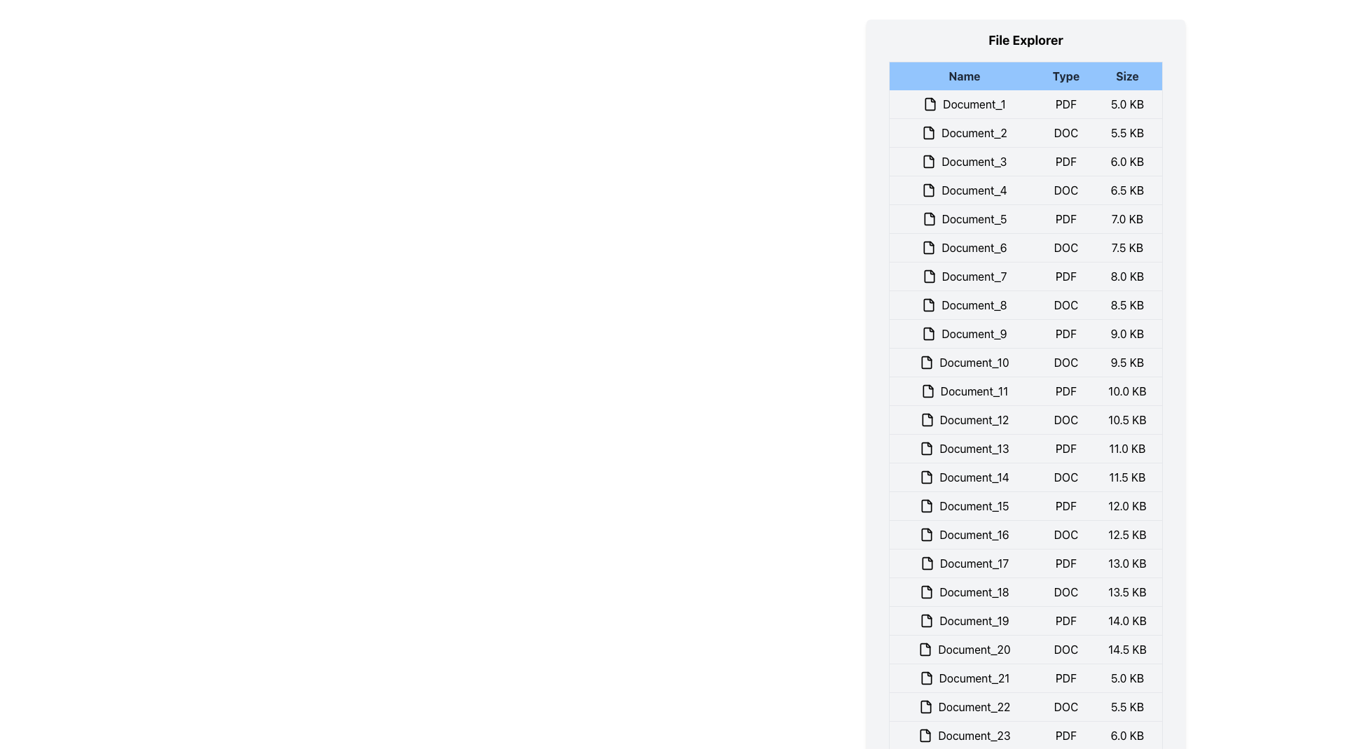  What do you see at coordinates (1127, 161) in the screenshot?
I see `the text label displaying '6.0 KB' in the 'Size' column of the third row corresponding to 'Document_3'` at bounding box center [1127, 161].